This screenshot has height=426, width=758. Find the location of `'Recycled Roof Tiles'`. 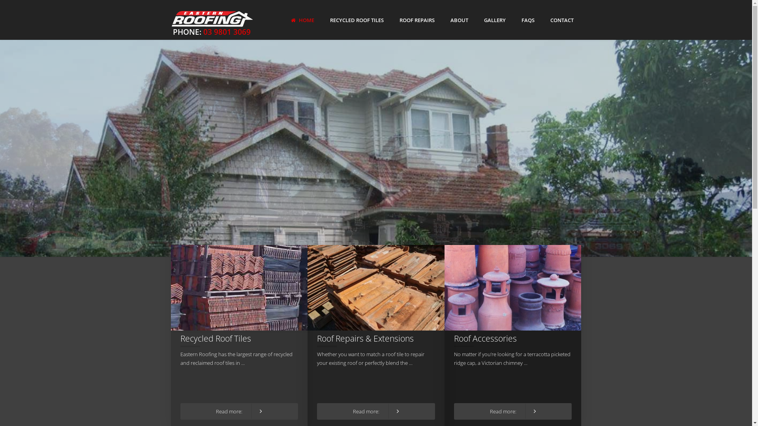

'Recycled Roof Tiles' is located at coordinates (238, 288).